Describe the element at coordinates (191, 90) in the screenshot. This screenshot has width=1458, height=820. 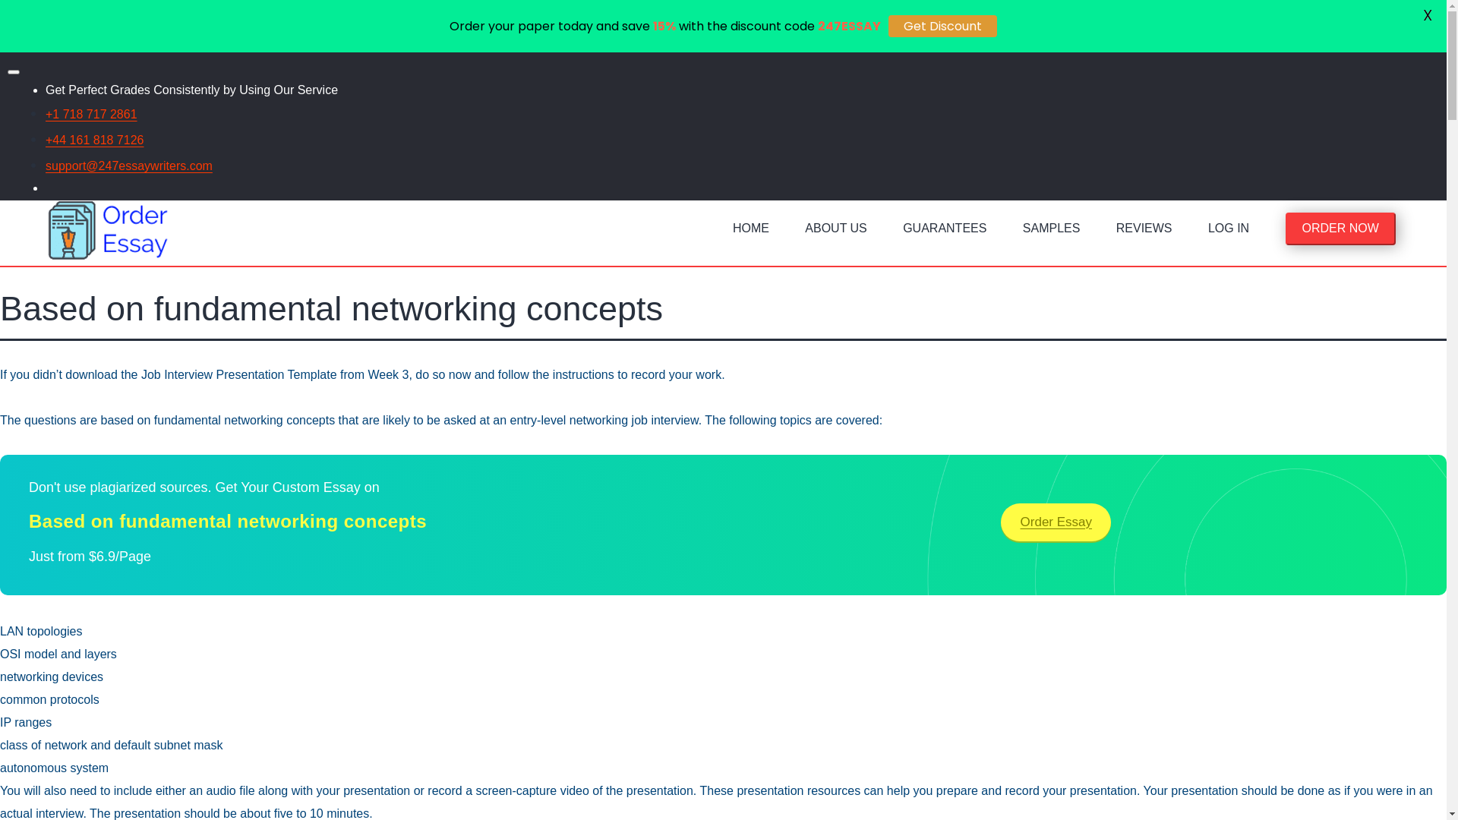
I see `'Get Perfect Grades Consistently by Using Our Service'` at that location.